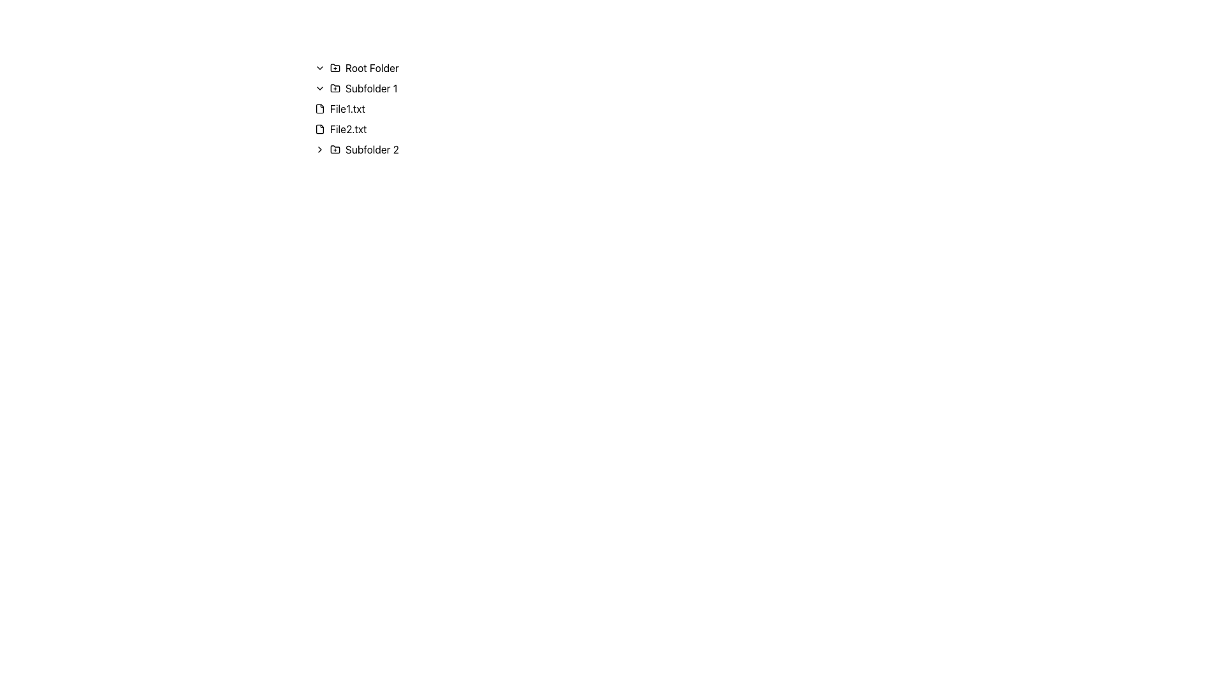 The image size is (1224, 688). Describe the element at coordinates (335, 68) in the screenshot. I see `the folder icon with a plus sign that is in line with the text 'Root Folder' in the hierarchical list` at that location.